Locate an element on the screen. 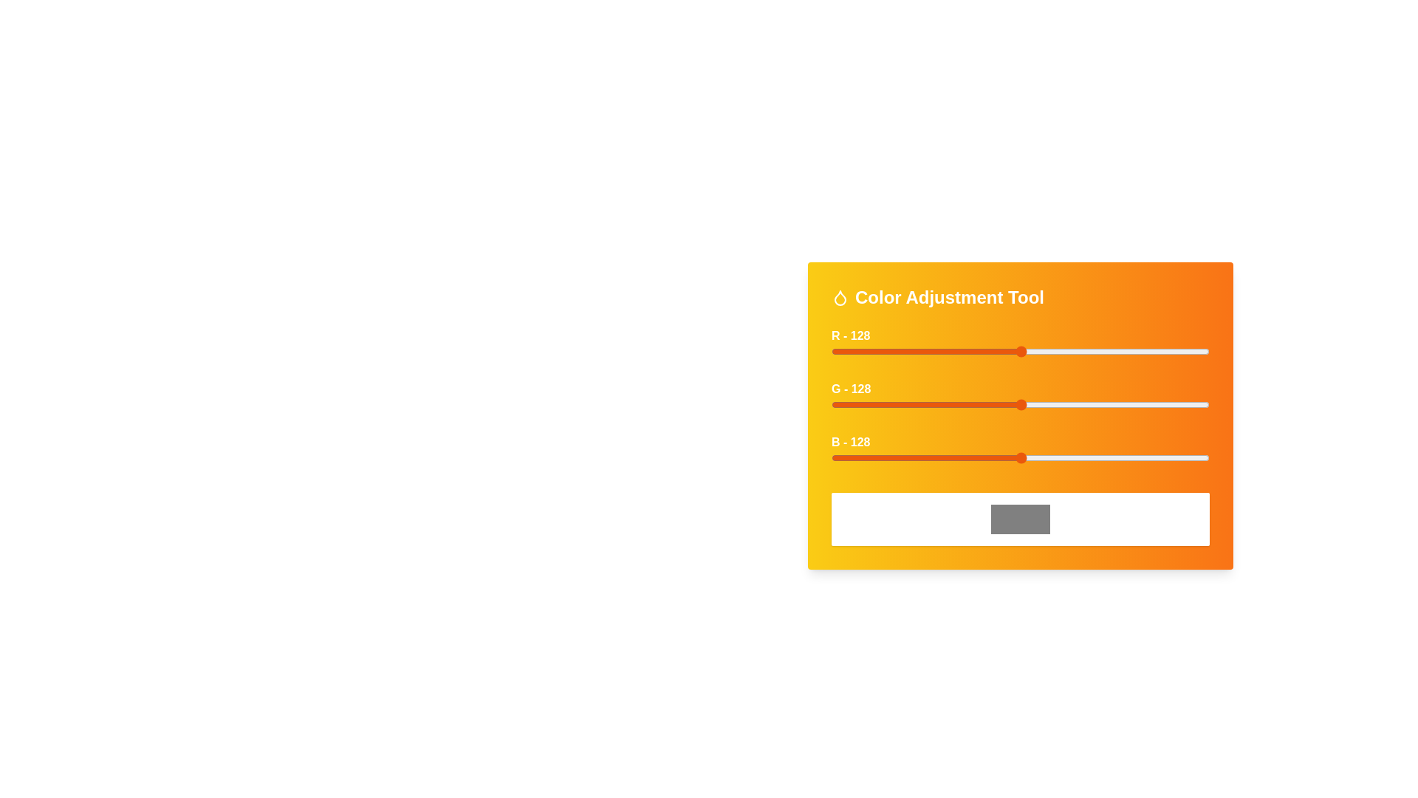 This screenshot has width=1418, height=798. the red slider to 156 is located at coordinates (1062, 351).